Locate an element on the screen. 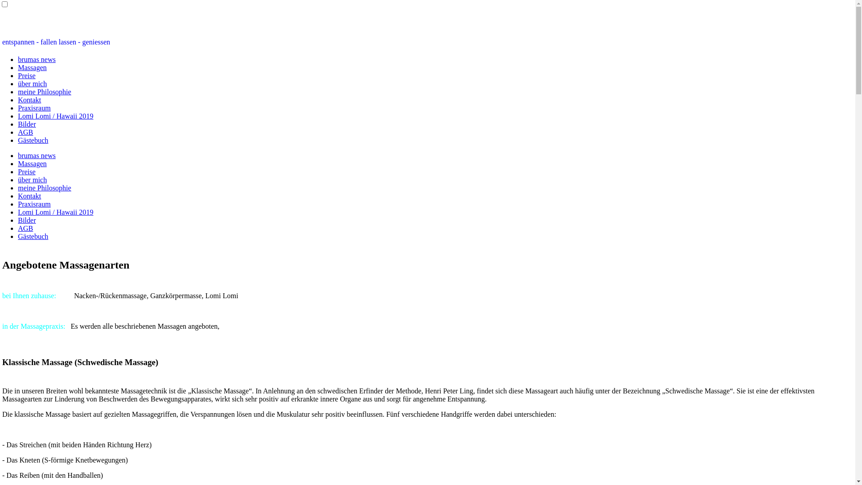  'Massagen' is located at coordinates (32, 67).